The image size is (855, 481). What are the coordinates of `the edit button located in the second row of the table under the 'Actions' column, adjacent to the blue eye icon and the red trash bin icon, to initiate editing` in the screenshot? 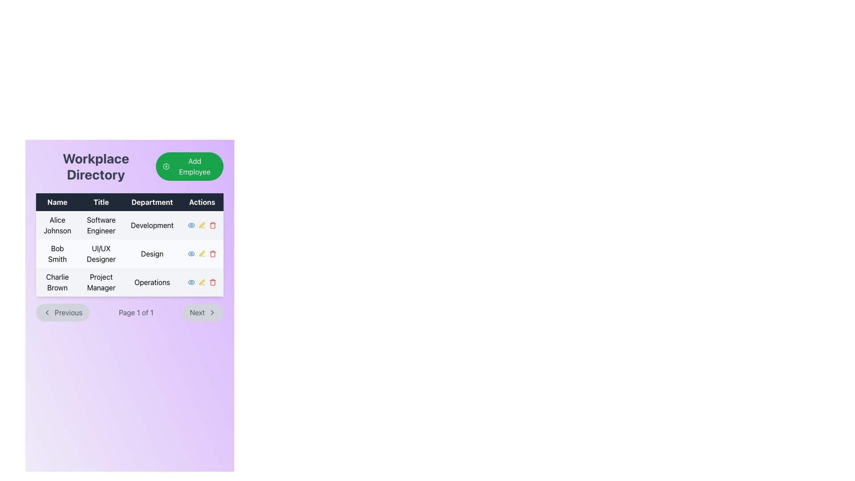 It's located at (202, 254).